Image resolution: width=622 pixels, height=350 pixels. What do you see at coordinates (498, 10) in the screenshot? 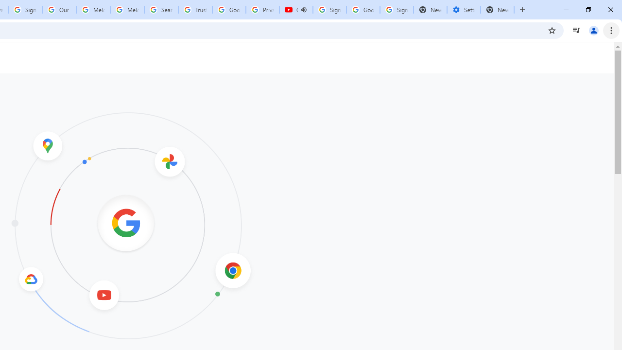
I see `'New Tab'` at bounding box center [498, 10].